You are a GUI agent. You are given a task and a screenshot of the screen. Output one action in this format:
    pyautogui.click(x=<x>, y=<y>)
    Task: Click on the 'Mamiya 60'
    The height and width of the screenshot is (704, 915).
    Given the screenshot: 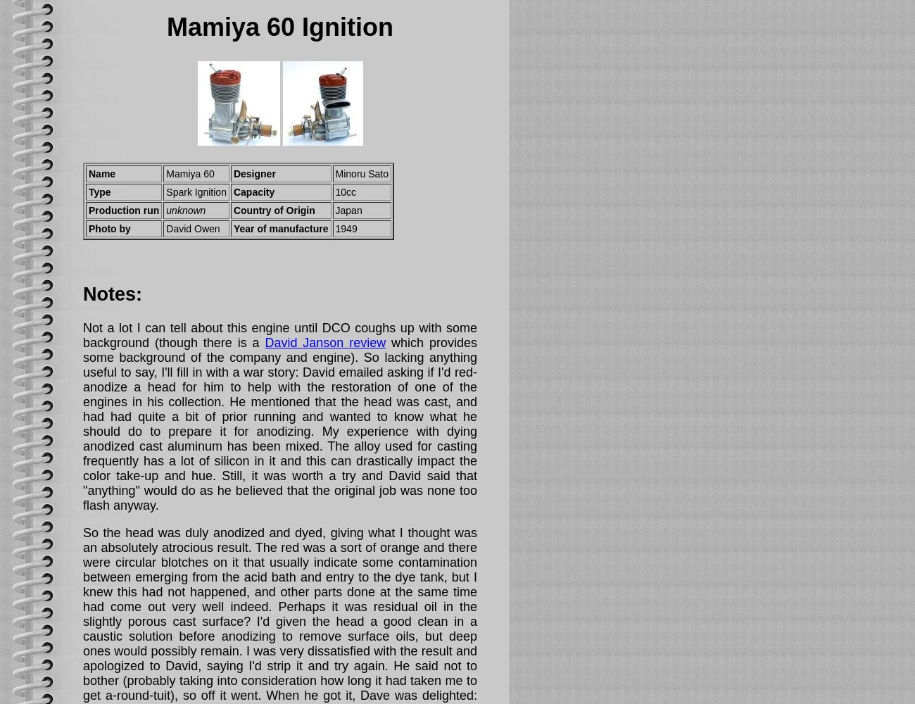 What is the action you would take?
    pyautogui.click(x=189, y=173)
    